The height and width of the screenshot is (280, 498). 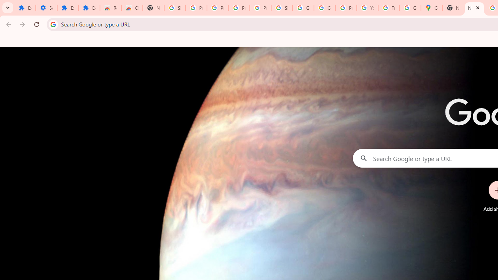 I want to click on 'Sign in - Google Accounts', so click(x=174, y=8).